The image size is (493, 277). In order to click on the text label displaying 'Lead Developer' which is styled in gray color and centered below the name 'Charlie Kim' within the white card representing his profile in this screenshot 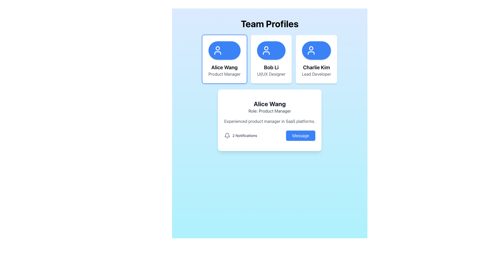, I will do `click(316, 74)`.